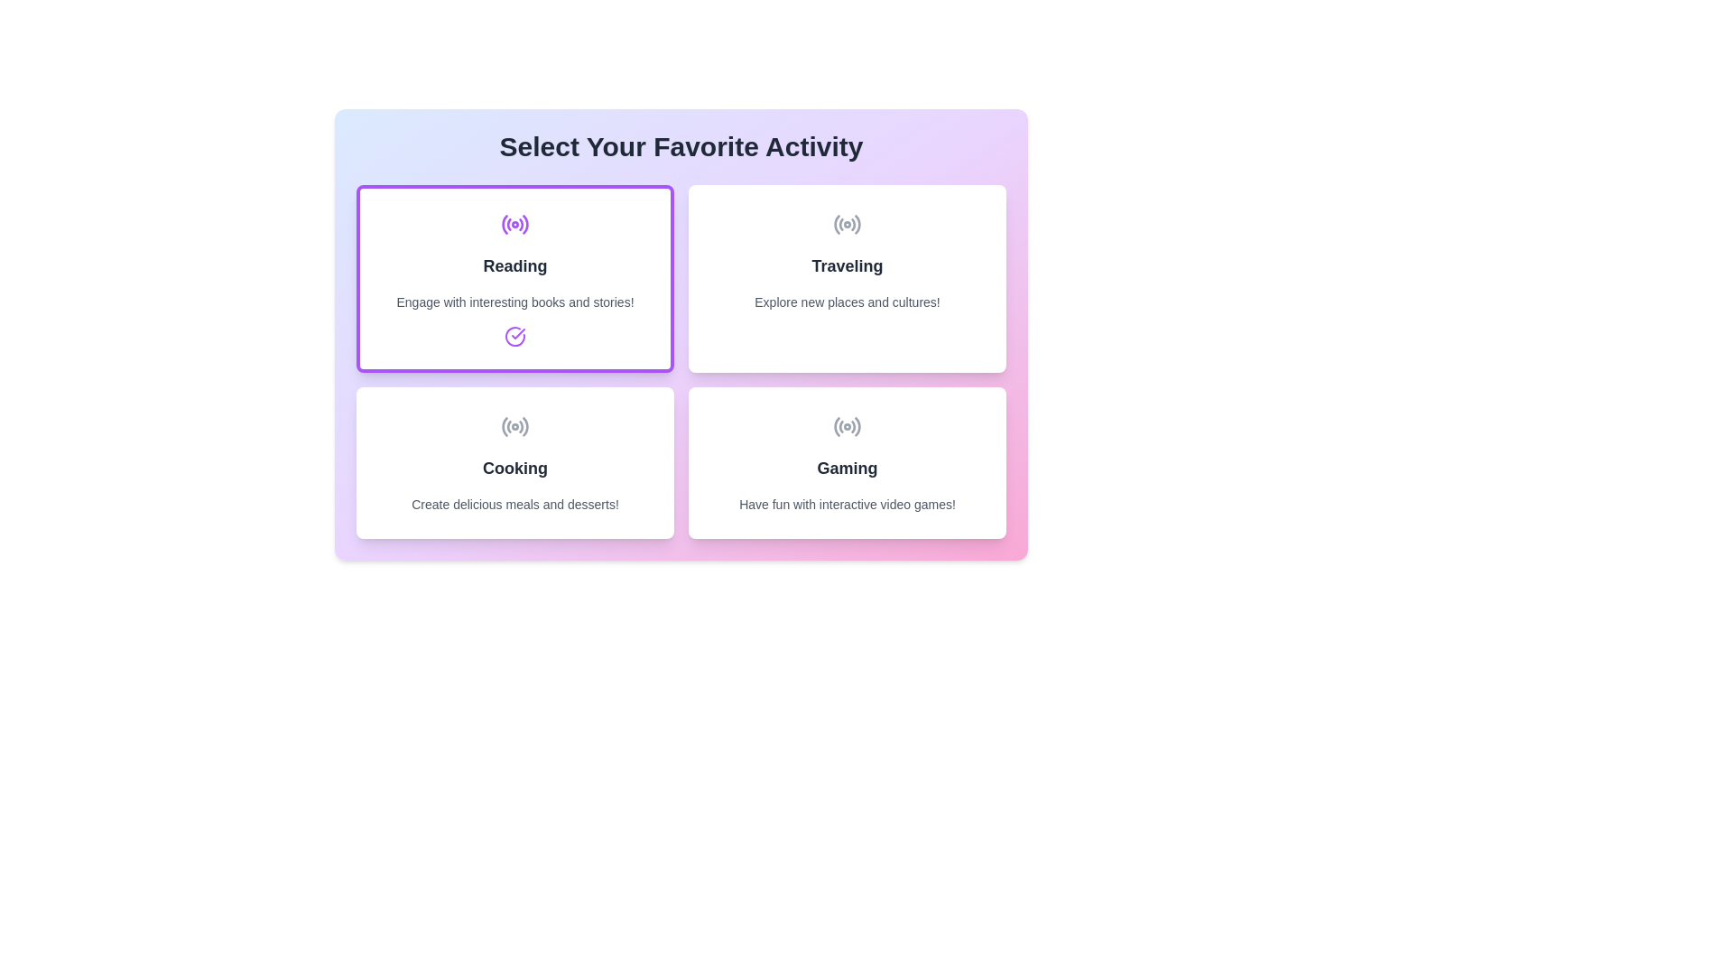 The width and height of the screenshot is (1733, 975). I want to click on the visual icon representing the 'Reading' card, which is positioned at the top of the highlighted card labeled 'Reading', so click(514, 224).